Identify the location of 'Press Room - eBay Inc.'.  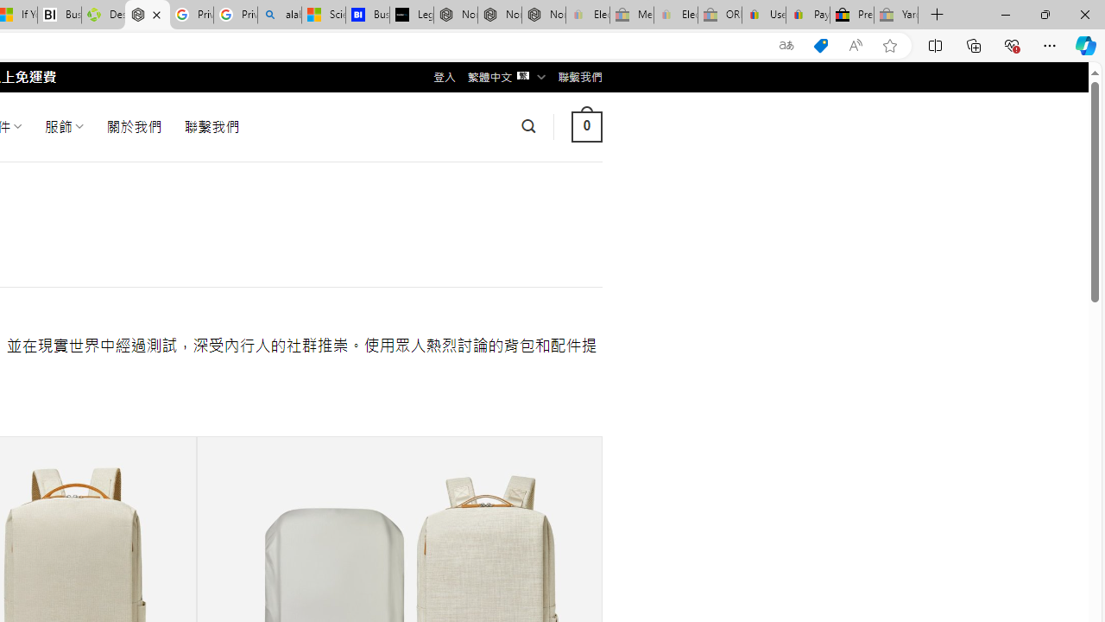
(852, 15).